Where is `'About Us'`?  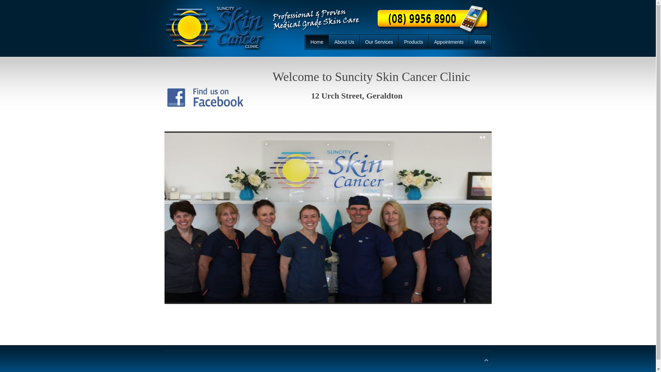
'About Us' is located at coordinates (328, 42).